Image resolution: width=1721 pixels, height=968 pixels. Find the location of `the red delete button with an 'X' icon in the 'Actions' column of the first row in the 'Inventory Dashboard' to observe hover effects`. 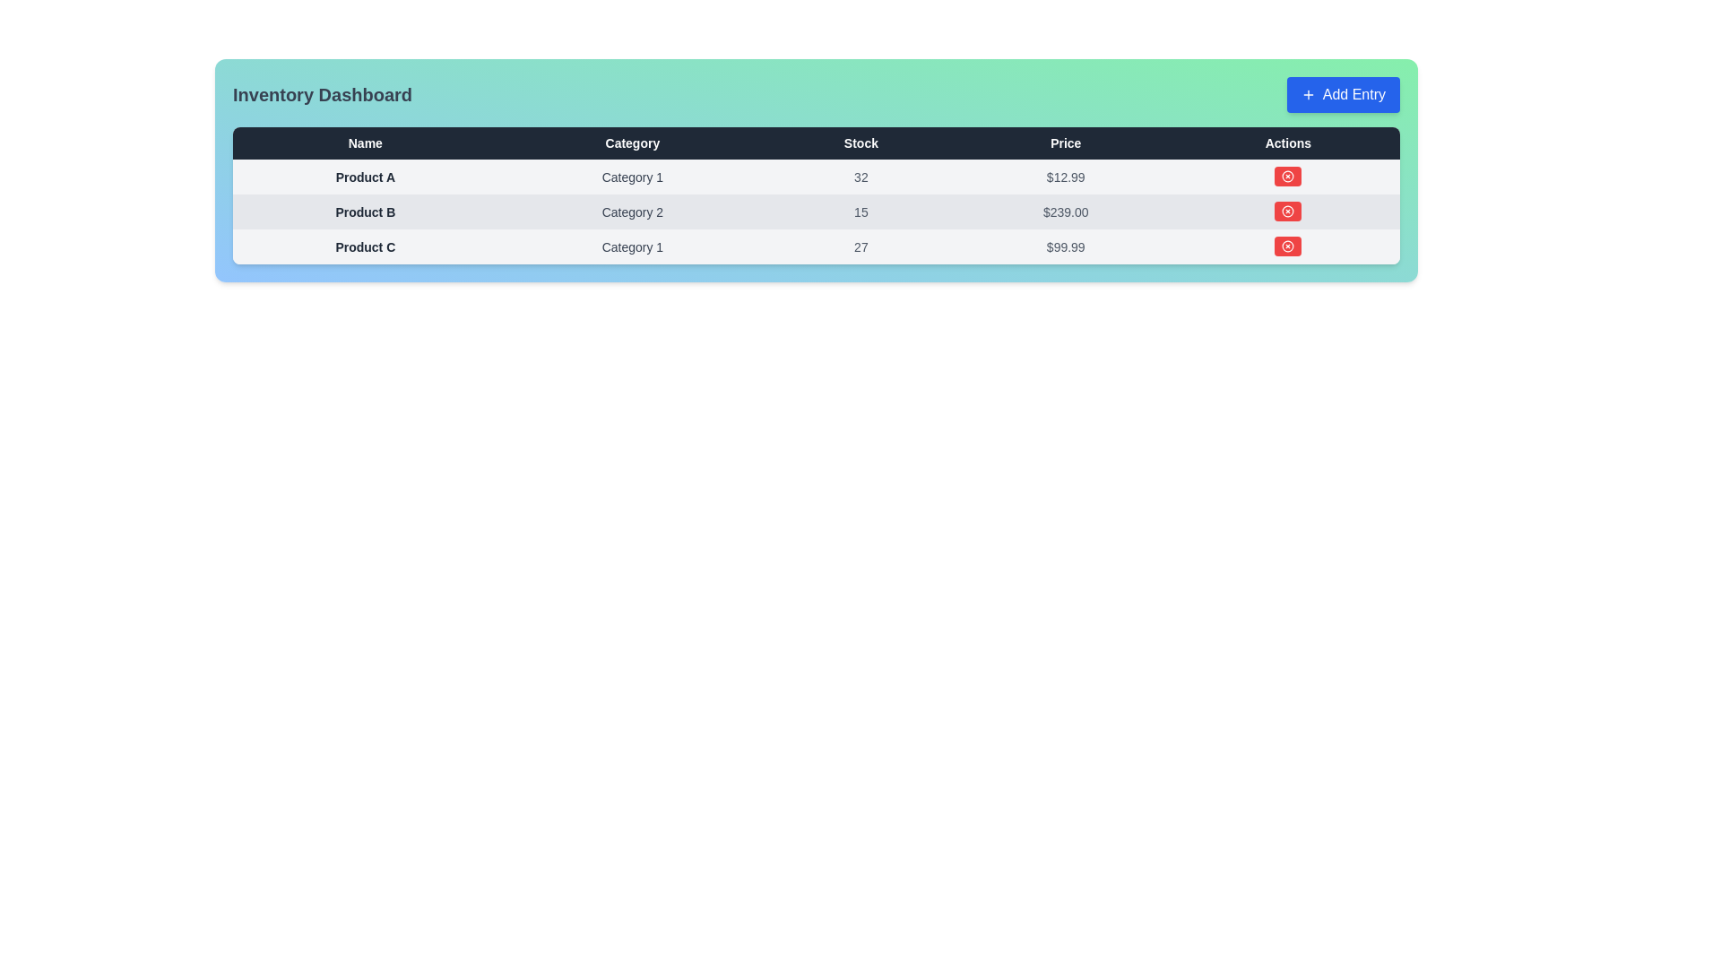

the red delete button with an 'X' icon in the 'Actions' column of the first row in the 'Inventory Dashboard' to observe hover effects is located at coordinates (1287, 177).